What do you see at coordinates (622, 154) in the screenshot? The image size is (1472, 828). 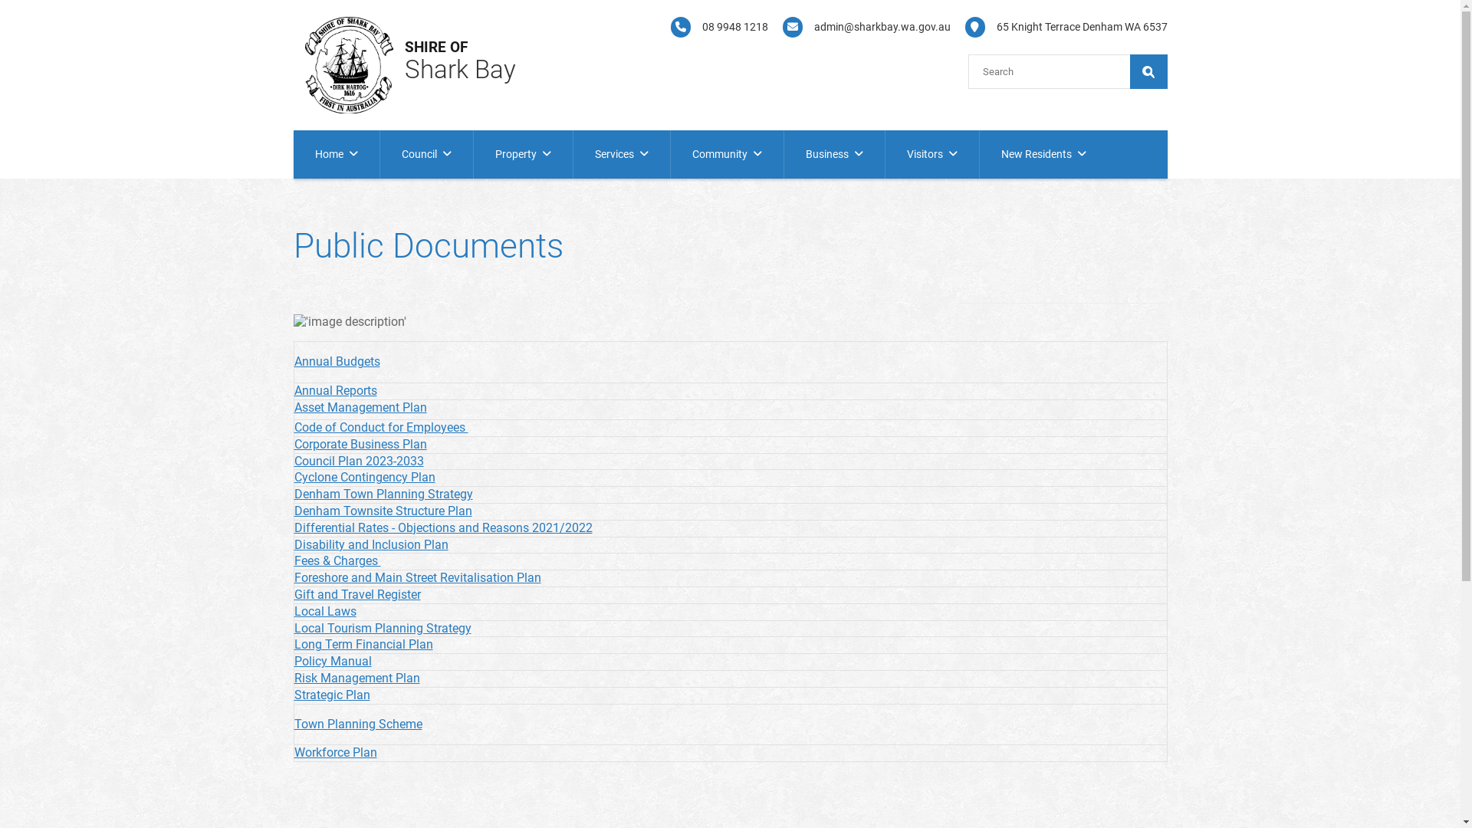 I see `'Services'` at bounding box center [622, 154].